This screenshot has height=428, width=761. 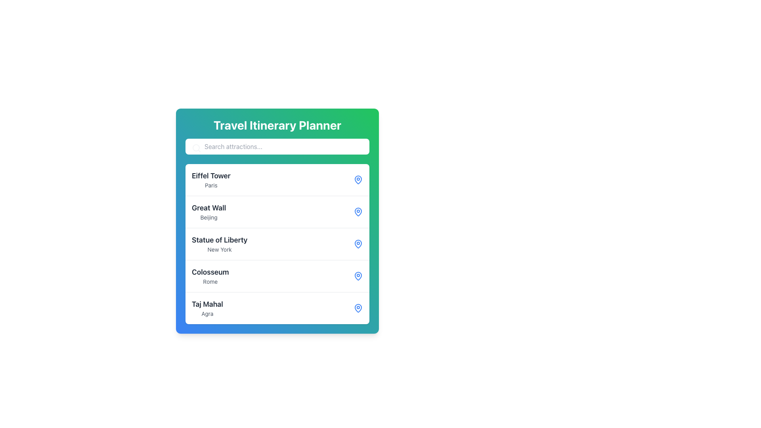 I want to click on the icon that serves as a visual indicator for accessing information related to the location 'Great Wall, Beijing.', so click(x=358, y=212).